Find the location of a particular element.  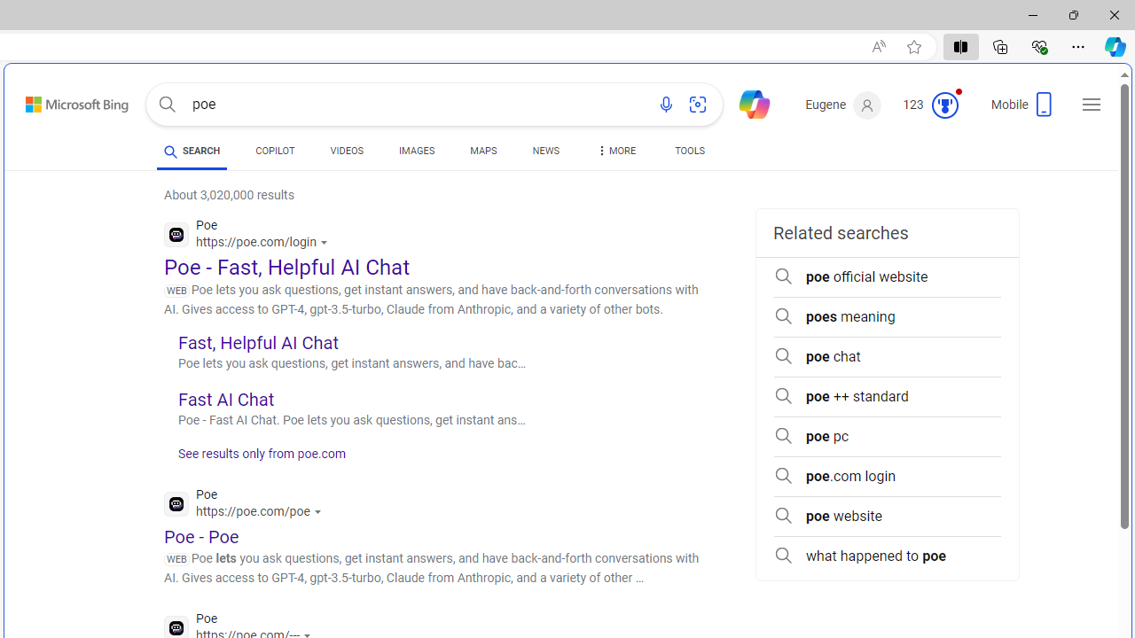

'VIDEOS' is located at coordinates (347, 151).